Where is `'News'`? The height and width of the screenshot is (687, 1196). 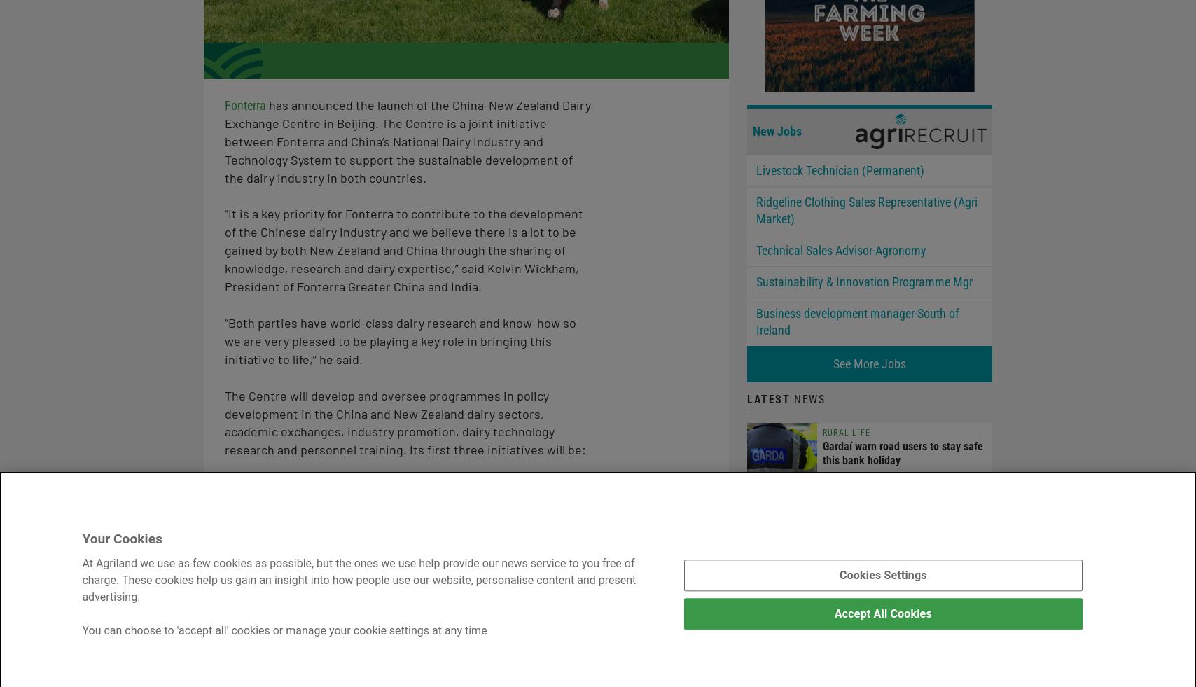
'News' is located at coordinates (807, 398).